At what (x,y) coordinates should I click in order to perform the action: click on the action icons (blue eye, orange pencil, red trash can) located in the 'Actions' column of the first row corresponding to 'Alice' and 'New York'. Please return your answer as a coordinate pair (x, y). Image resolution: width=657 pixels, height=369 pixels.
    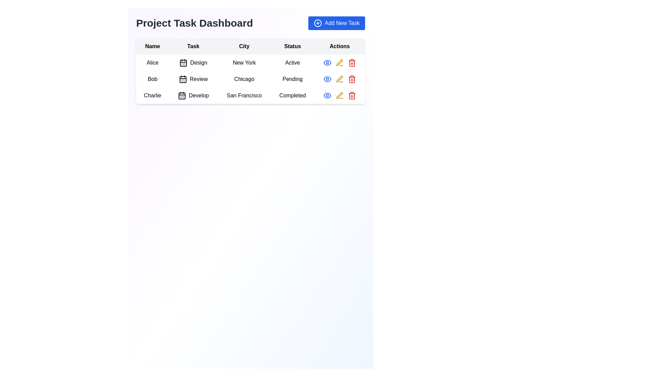
    Looking at the image, I should click on (339, 63).